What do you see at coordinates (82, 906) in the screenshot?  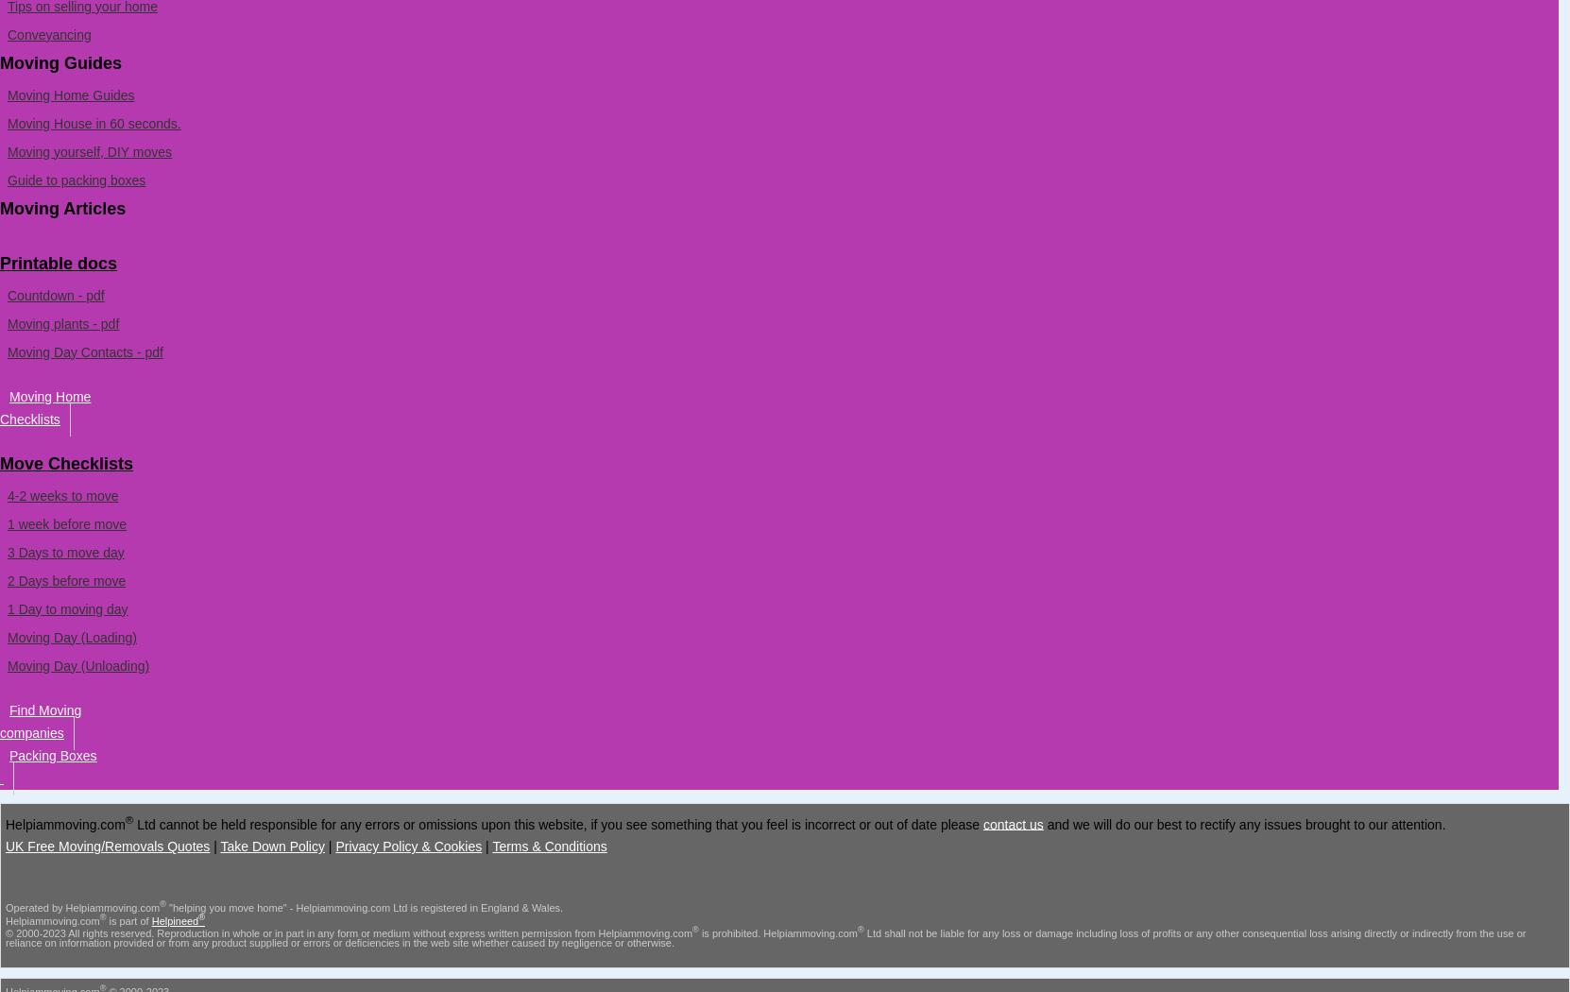 I see `'Operated by Helpiammoving.com'` at bounding box center [82, 906].